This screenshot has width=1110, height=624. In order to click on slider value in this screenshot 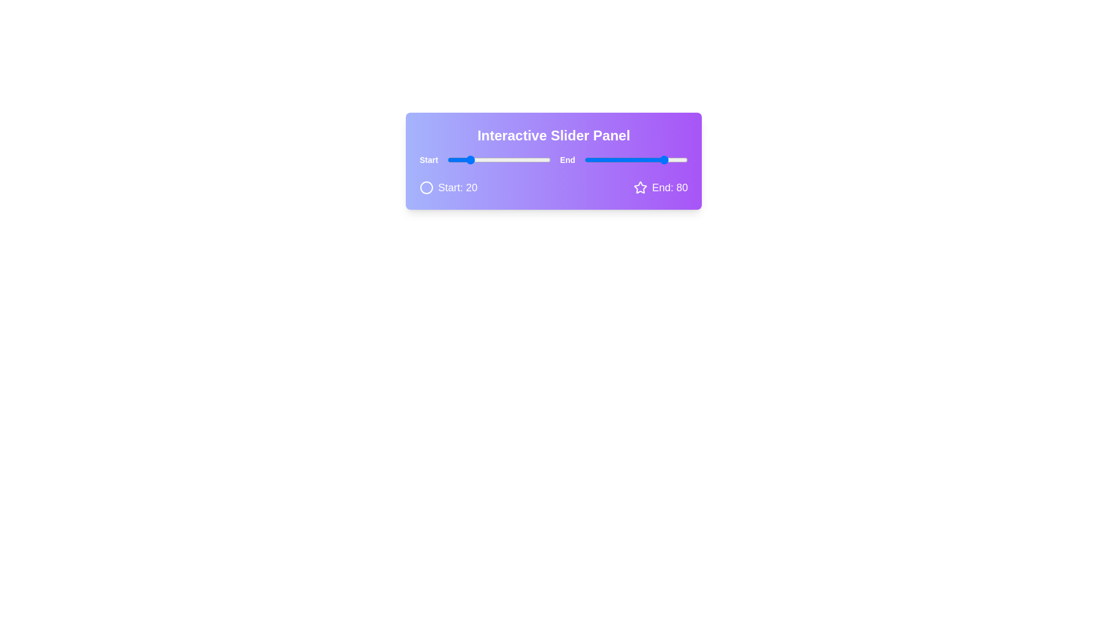, I will do `click(473, 160)`.